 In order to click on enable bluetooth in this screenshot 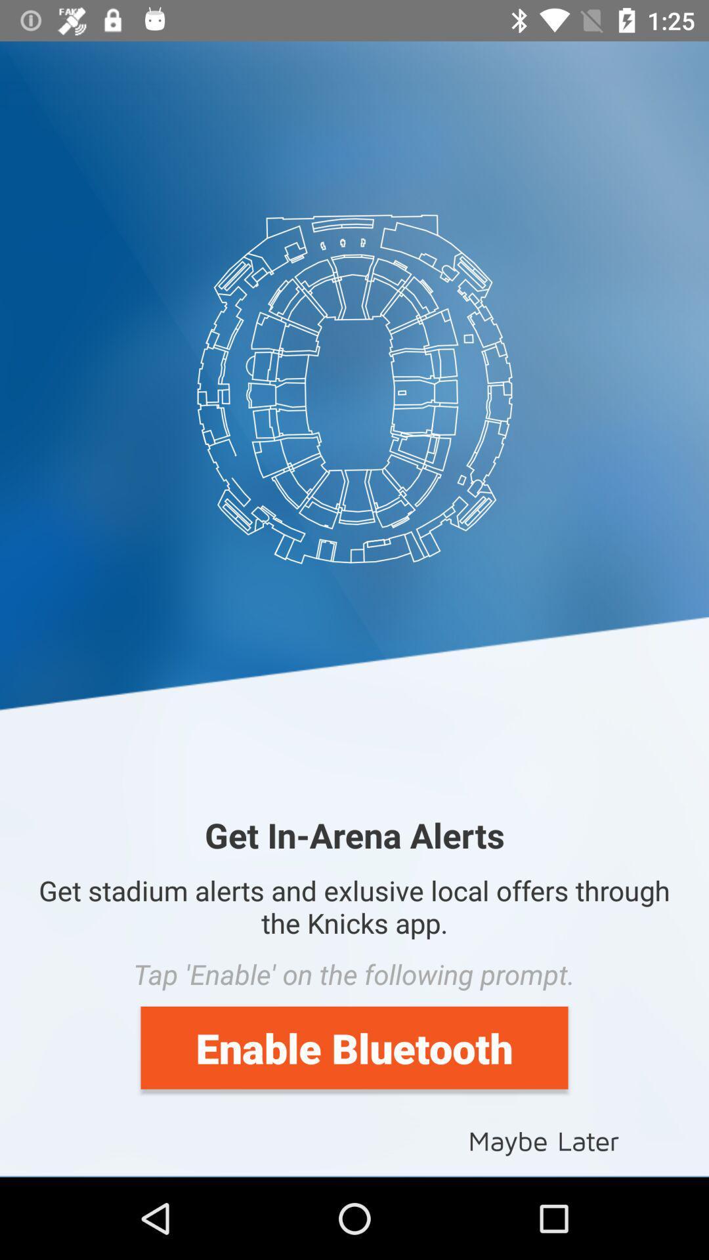, I will do `click(354, 1047)`.